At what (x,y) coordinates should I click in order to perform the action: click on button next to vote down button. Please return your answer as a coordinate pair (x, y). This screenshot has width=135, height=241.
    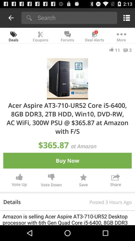
    Looking at the image, I should click on (83, 181).